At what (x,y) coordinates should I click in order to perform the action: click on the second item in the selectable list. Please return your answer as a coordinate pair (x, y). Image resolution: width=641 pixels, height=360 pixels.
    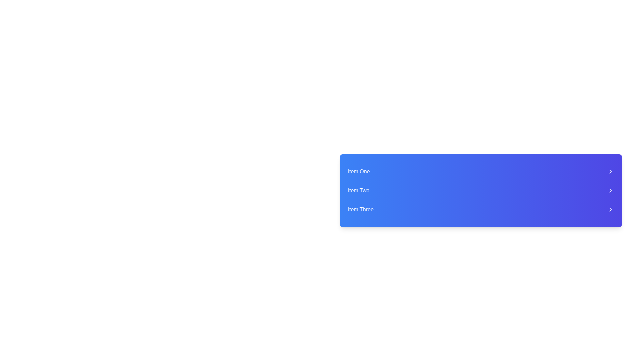
    Looking at the image, I should click on (481, 190).